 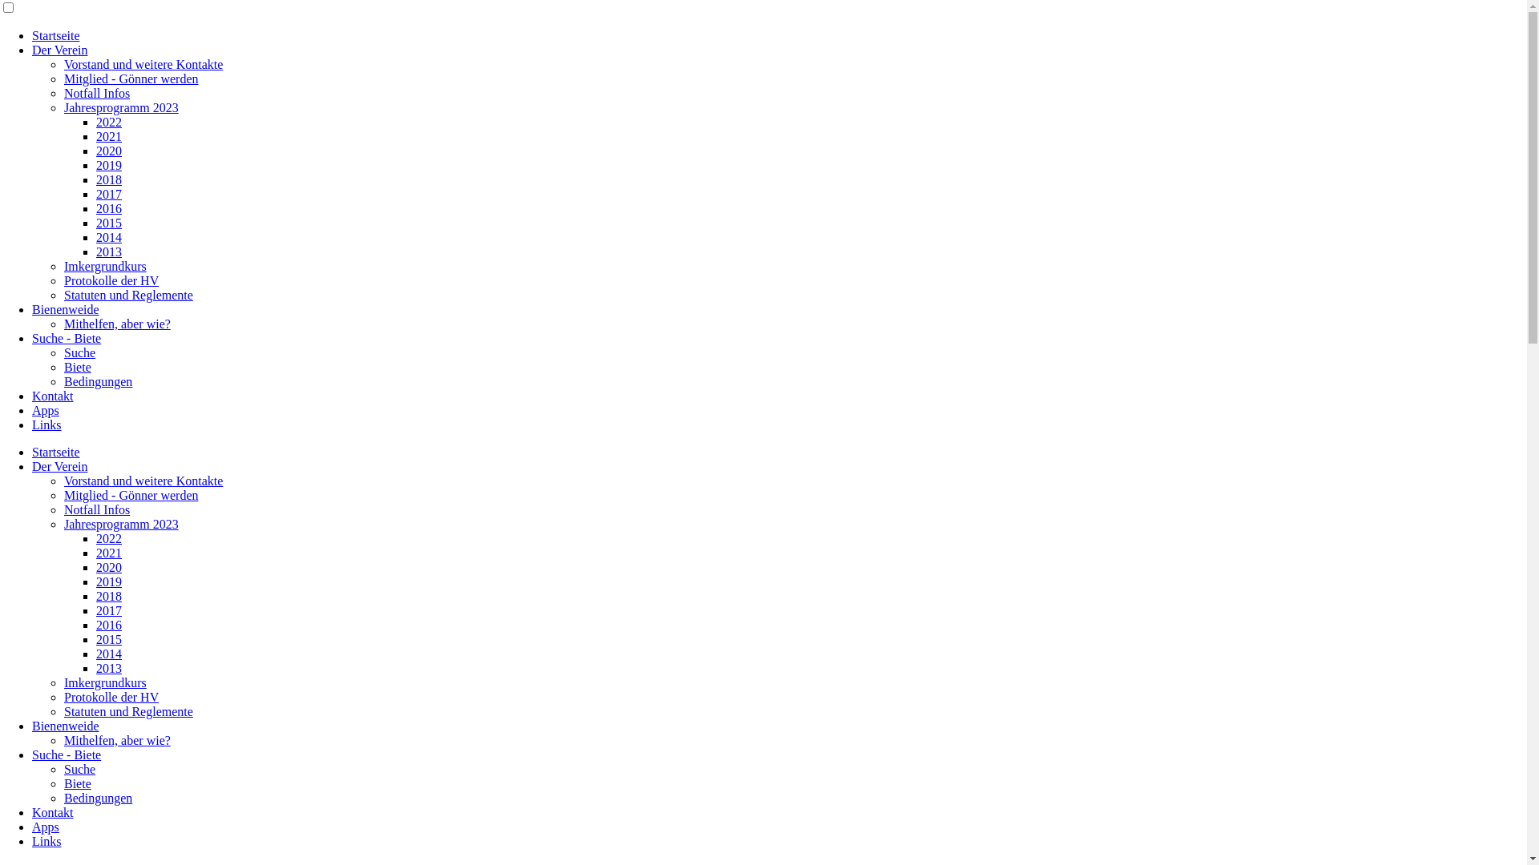 I want to click on 'Apps', so click(x=31, y=827).